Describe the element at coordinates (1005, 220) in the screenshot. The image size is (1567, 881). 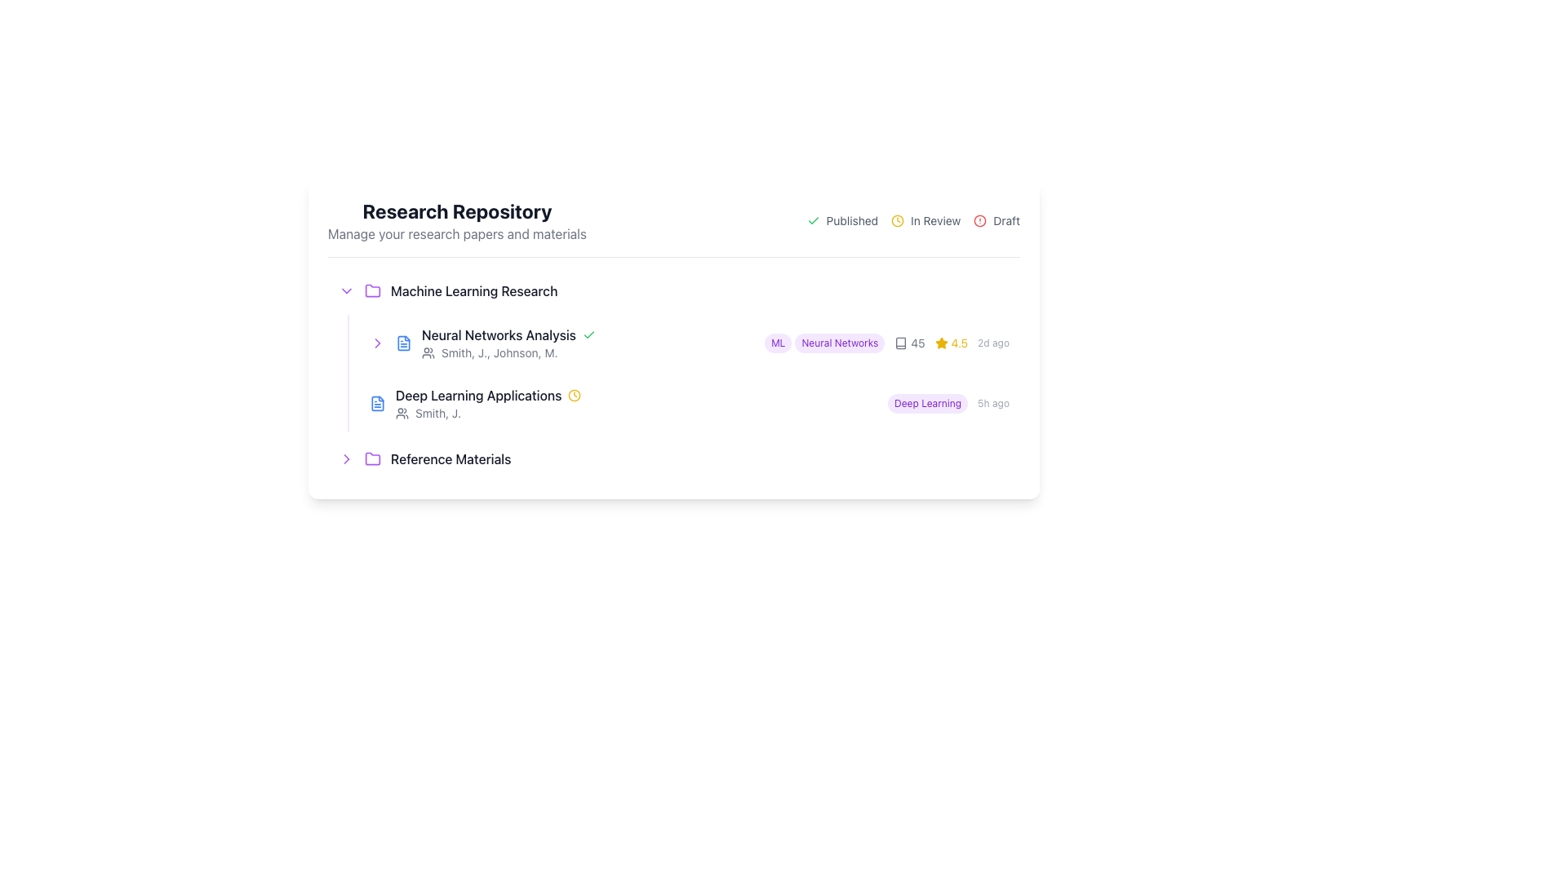
I see `the static text label displaying 'Draft' located in the top-right part of the interface, near status indicators like 'Published' and 'In Review'` at that location.